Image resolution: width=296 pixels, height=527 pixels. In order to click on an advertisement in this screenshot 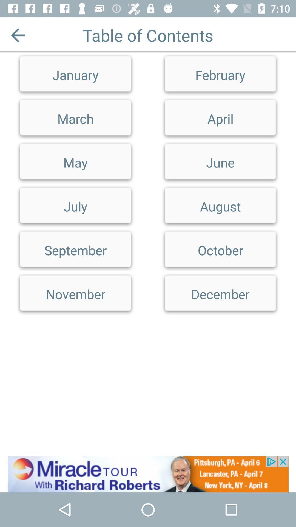, I will do `click(148, 474)`.